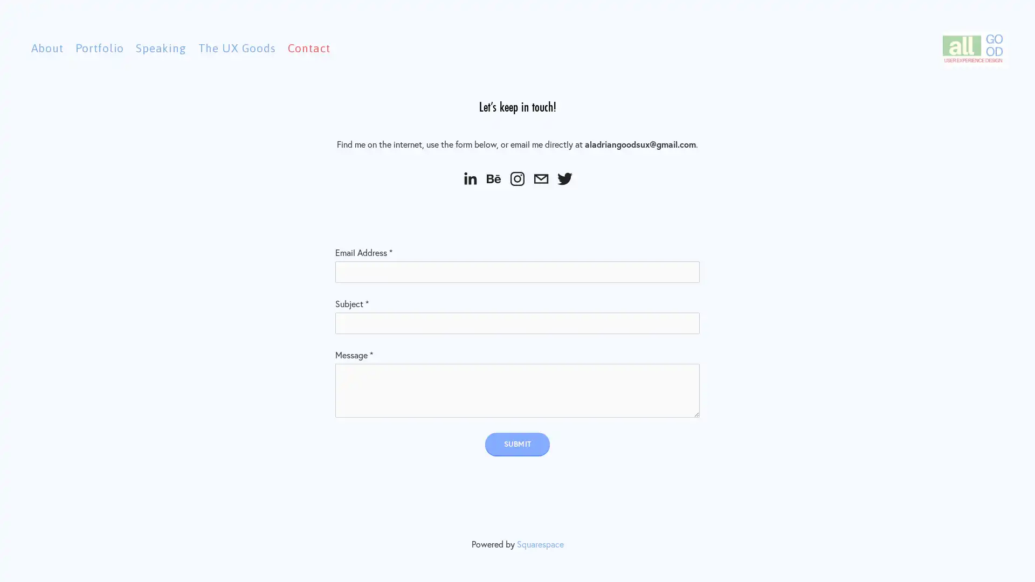 This screenshot has width=1035, height=582. What do you see at coordinates (516, 444) in the screenshot?
I see `Submit` at bounding box center [516, 444].